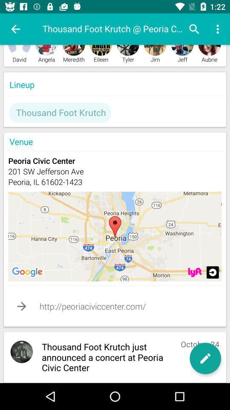 This screenshot has width=230, height=410. Describe the element at coordinates (205, 358) in the screenshot. I see `the edit icon` at that location.